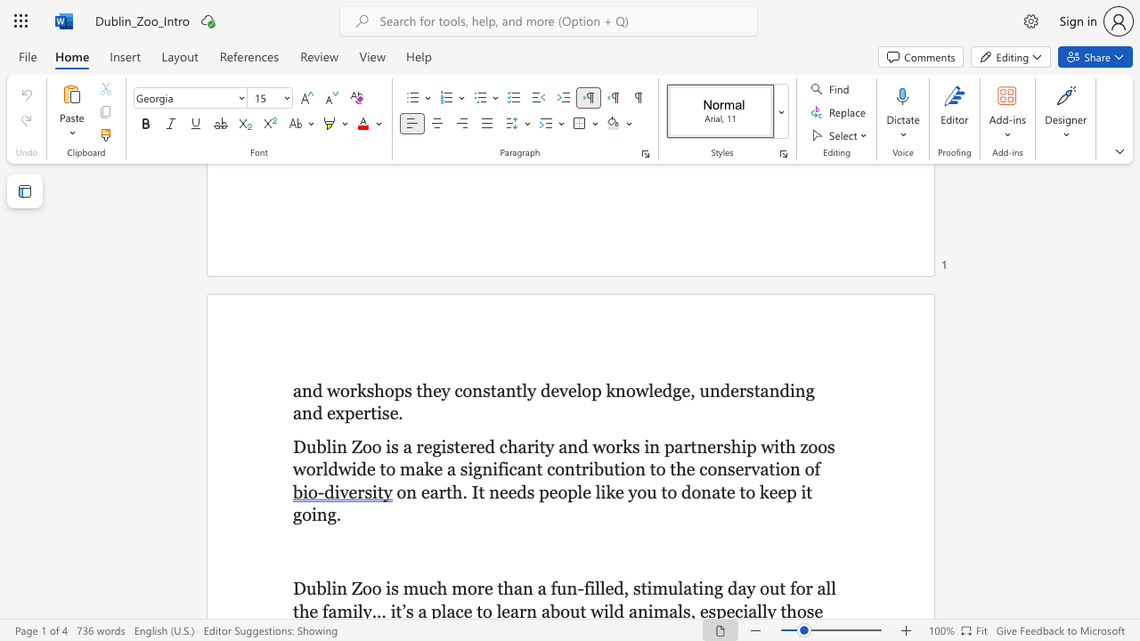 This screenshot has height=641, width=1140. What do you see at coordinates (421, 389) in the screenshot?
I see `the subset text "hey constantly devel" within the text "and workshops they constantly develo"` at bounding box center [421, 389].